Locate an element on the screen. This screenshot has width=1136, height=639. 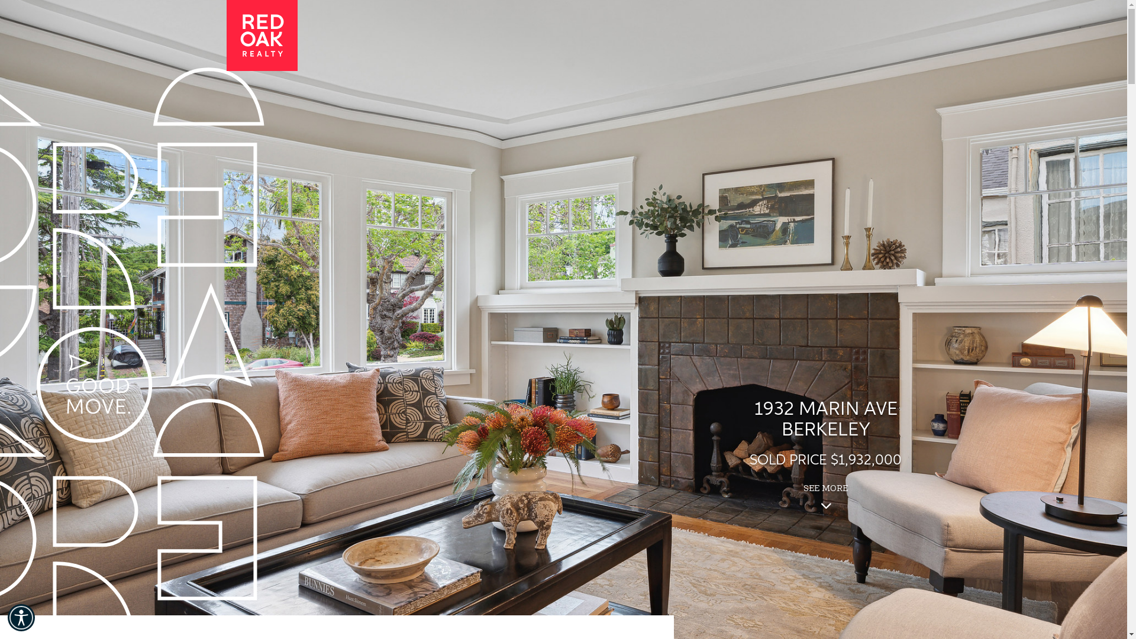
'SEE MORE' is located at coordinates (803, 489).